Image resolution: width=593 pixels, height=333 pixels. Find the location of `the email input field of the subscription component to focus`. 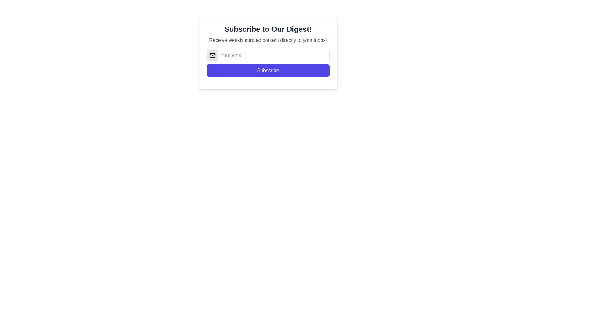

the email input field of the subscription component to focus is located at coordinates (268, 53).